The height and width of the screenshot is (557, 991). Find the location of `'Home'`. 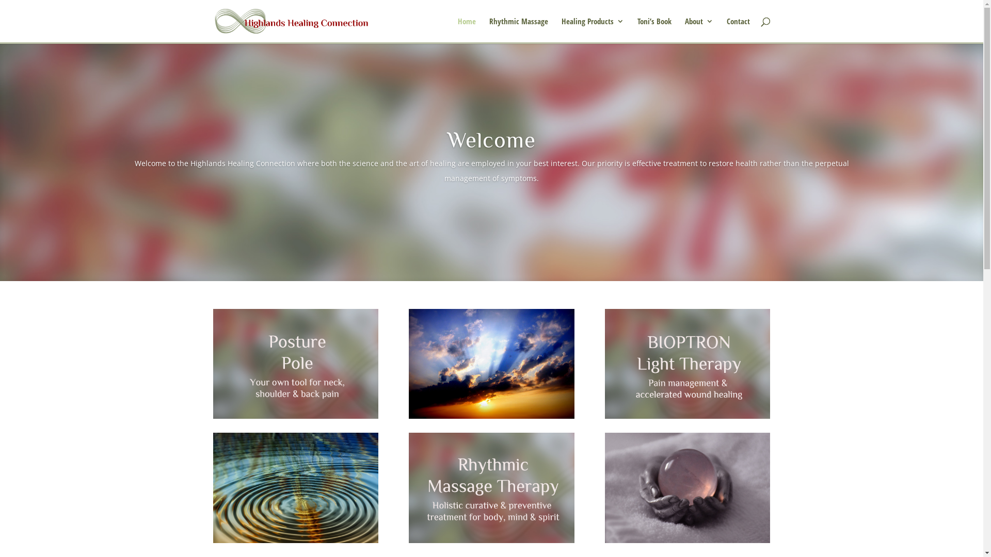

'Home' is located at coordinates (466, 29).